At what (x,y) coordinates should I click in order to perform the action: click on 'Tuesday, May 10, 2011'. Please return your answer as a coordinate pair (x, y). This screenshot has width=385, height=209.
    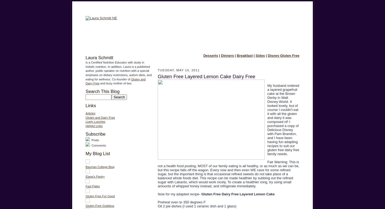
    Looking at the image, I should click on (179, 70).